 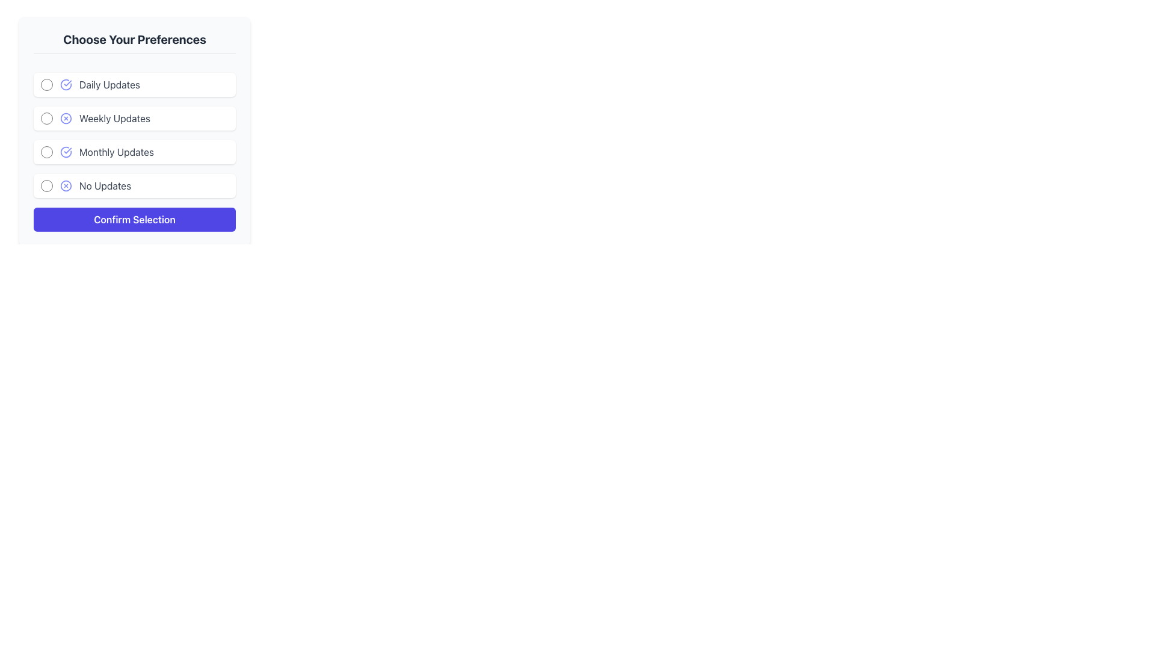 I want to click on the Decorative SVG Icon indicating that the 'Daily Updates' option is selected or completed, which is positioned to the right of the radio button and slightly left of the text label, so click(x=66, y=84).